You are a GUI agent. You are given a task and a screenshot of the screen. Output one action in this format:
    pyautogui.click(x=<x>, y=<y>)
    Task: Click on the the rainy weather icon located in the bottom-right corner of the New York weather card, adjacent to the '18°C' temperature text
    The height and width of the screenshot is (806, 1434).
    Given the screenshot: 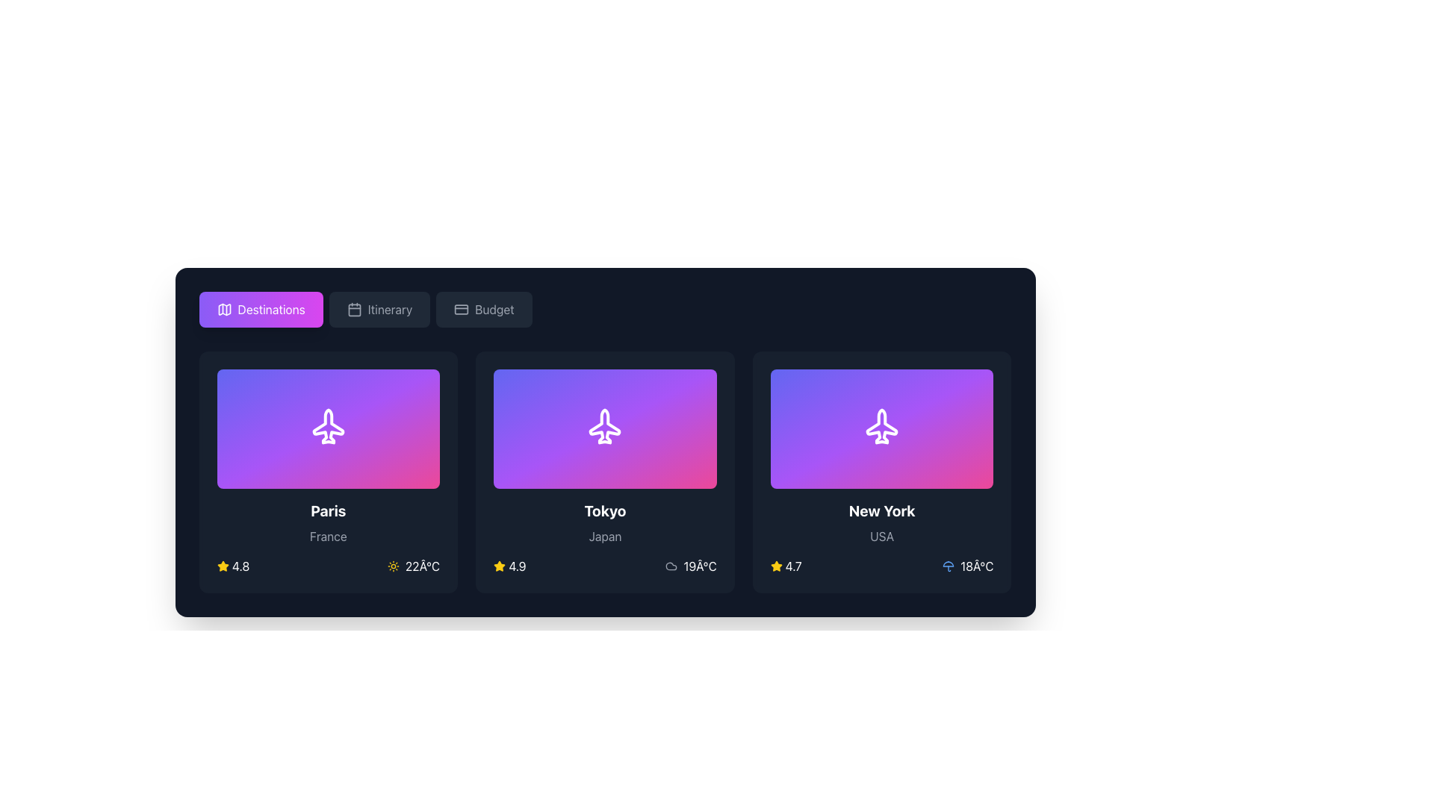 What is the action you would take?
    pyautogui.click(x=948, y=566)
    